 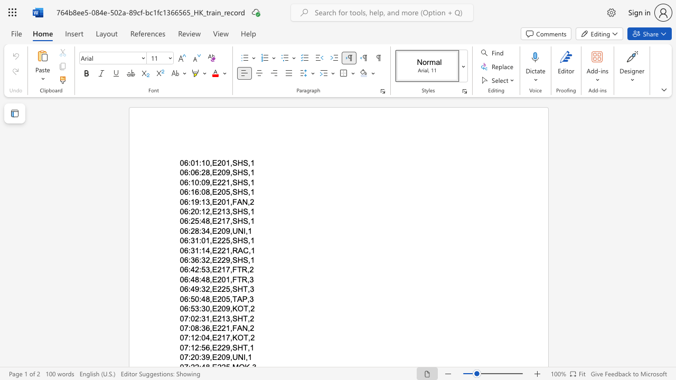 I want to click on the space between the continuous character "5" and "," in the text, so click(x=229, y=289).